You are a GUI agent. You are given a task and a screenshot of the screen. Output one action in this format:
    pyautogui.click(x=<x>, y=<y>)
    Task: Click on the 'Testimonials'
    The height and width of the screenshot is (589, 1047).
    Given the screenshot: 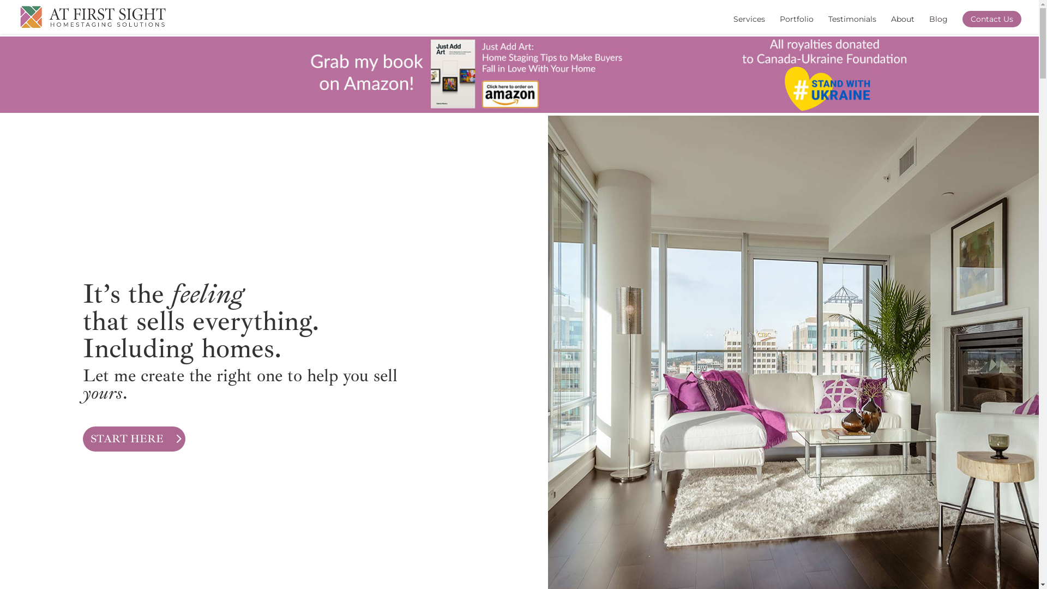 What is the action you would take?
    pyautogui.click(x=852, y=25)
    